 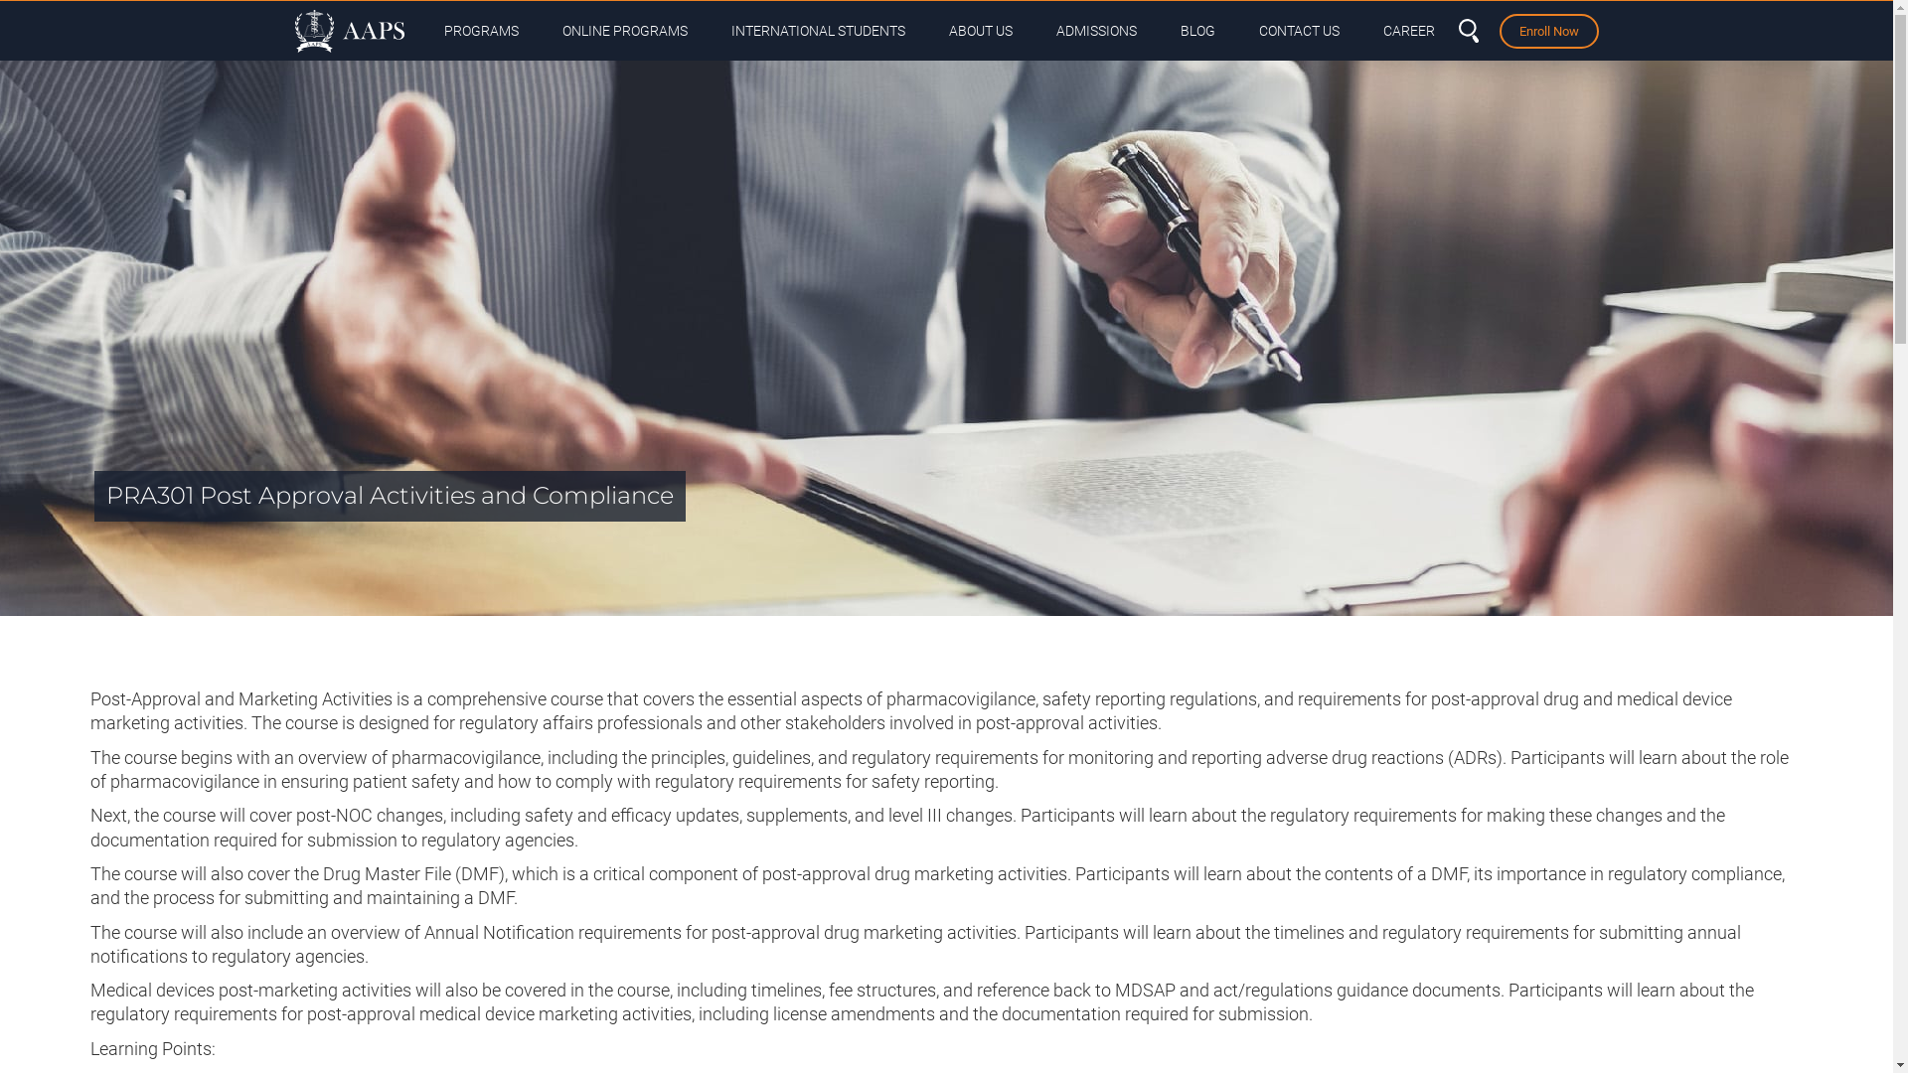 What do you see at coordinates (979, 30) in the screenshot?
I see `'ABOUT US'` at bounding box center [979, 30].